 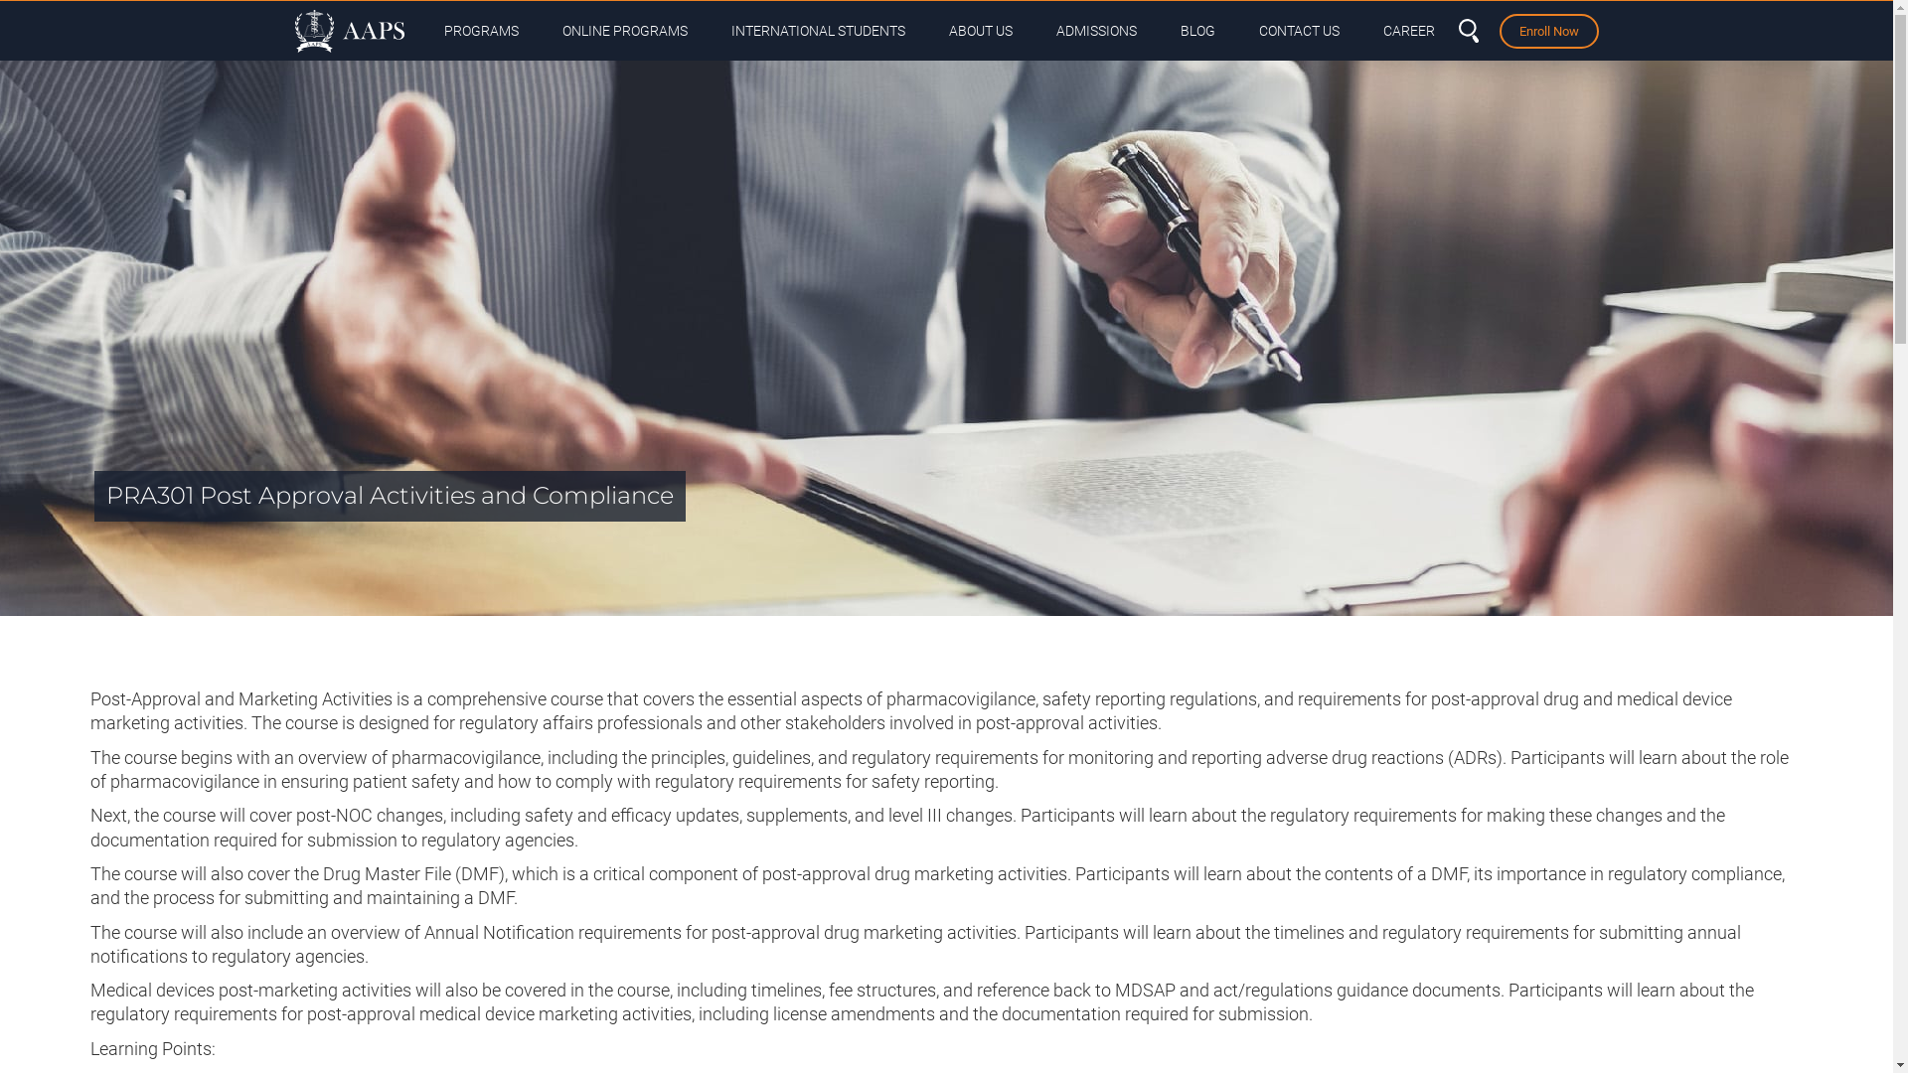 What do you see at coordinates (979, 30) in the screenshot?
I see `'ABOUT US'` at bounding box center [979, 30].